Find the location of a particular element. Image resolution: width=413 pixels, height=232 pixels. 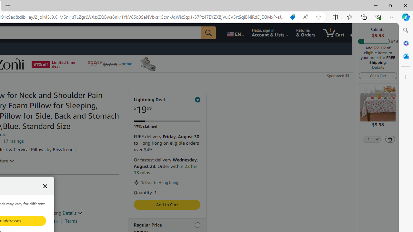

'Add to Cart' is located at coordinates (167, 205).